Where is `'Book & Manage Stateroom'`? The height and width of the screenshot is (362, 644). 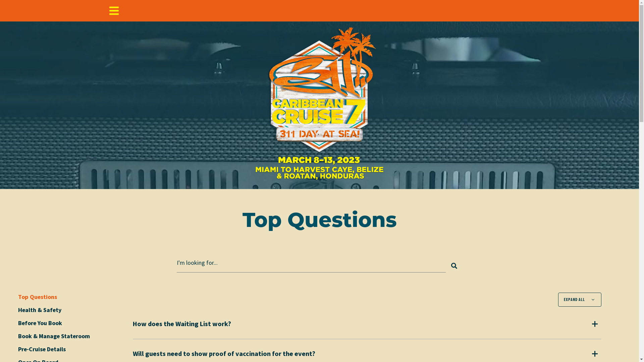
'Book & Manage Stateroom' is located at coordinates (54, 336).